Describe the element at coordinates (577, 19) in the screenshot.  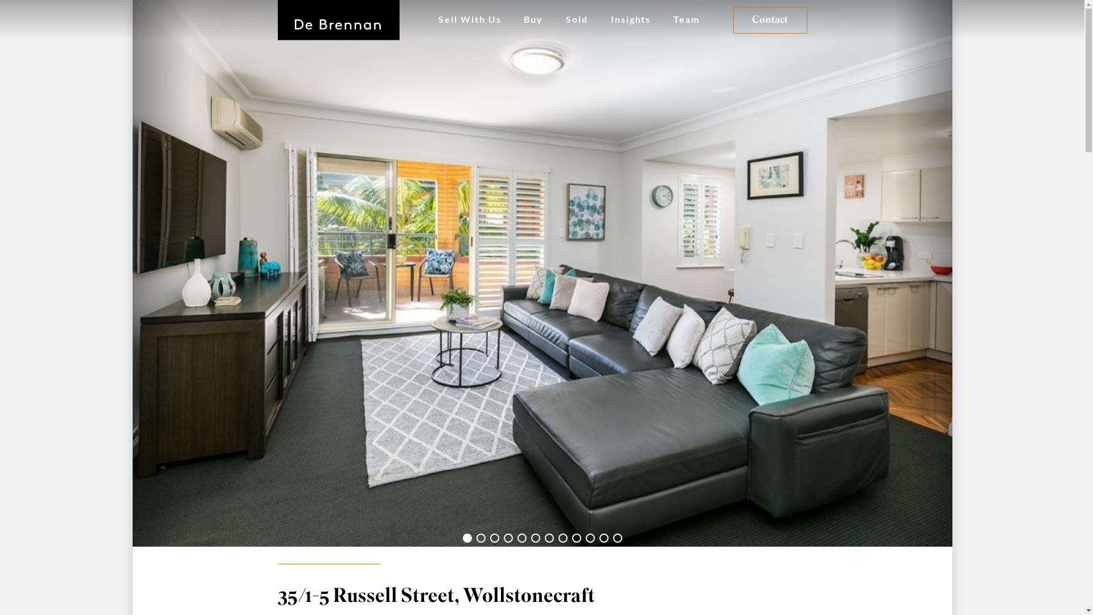
I see `'Sold'` at that location.